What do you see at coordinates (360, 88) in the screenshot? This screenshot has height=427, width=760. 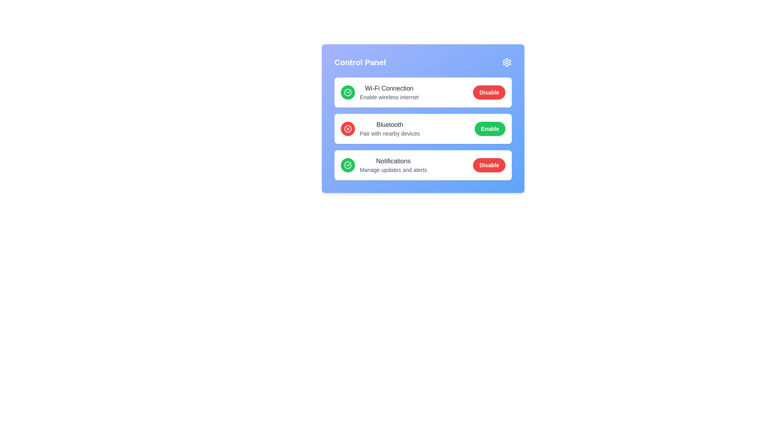 I see `the feature details for 'Wi-Fi Connection'` at bounding box center [360, 88].